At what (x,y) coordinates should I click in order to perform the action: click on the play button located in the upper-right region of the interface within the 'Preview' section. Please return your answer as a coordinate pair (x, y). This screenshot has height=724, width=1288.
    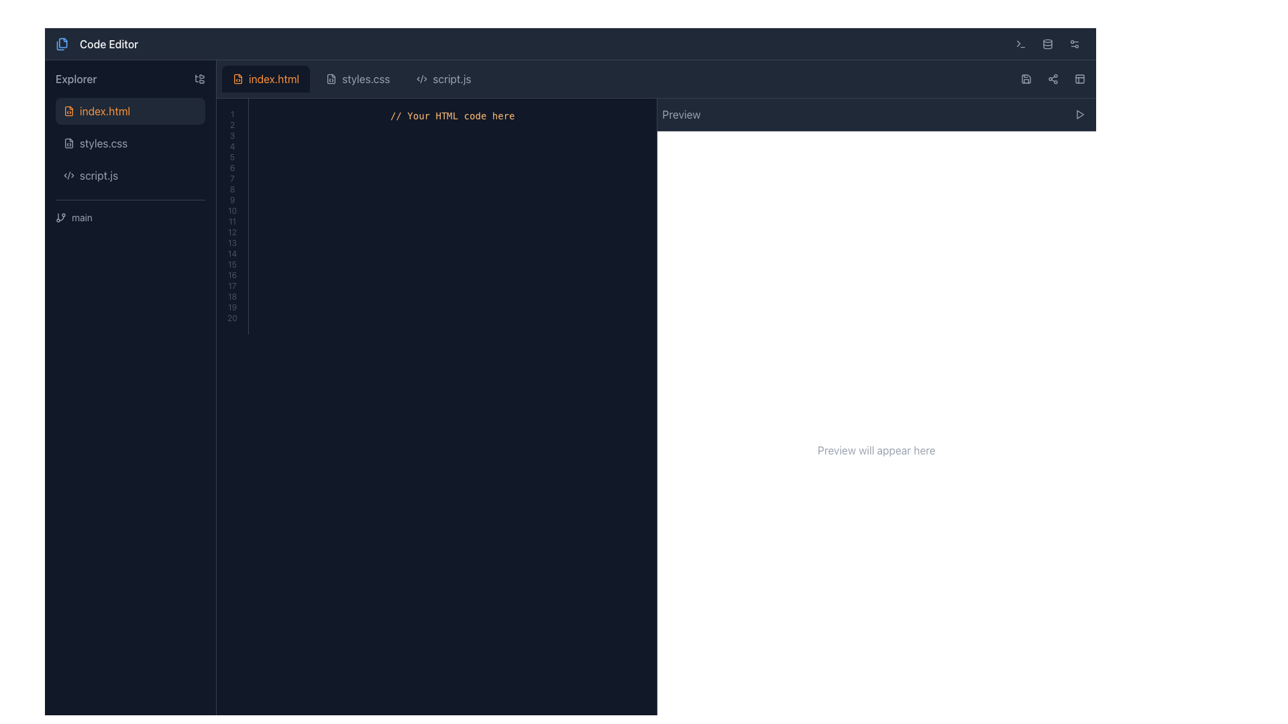
    Looking at the image, I should click on (1079, 113).